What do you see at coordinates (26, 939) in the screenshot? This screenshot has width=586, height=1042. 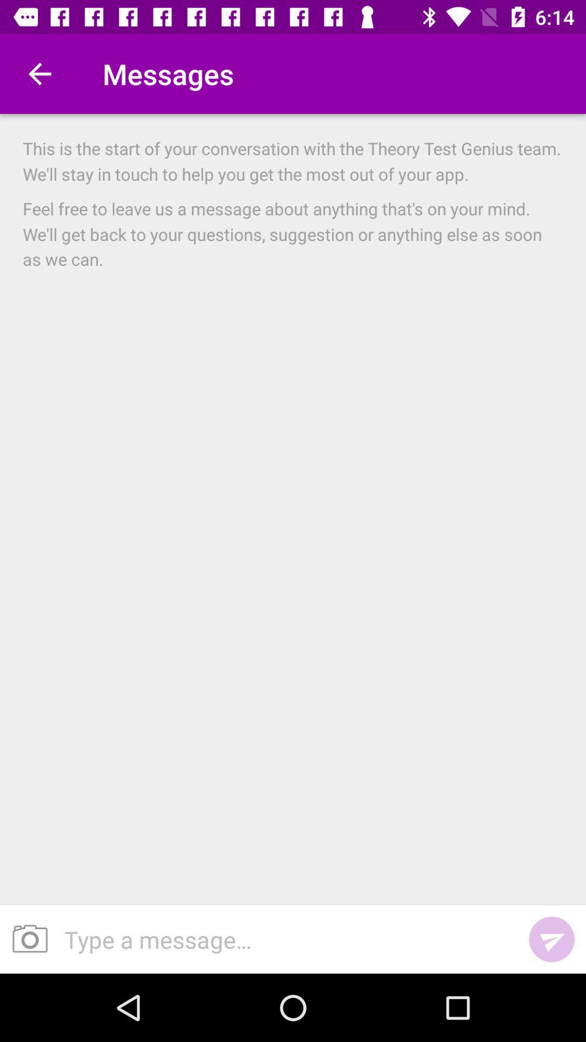 I see `the item below the feel free to icon` at bounding box center [26, 939].